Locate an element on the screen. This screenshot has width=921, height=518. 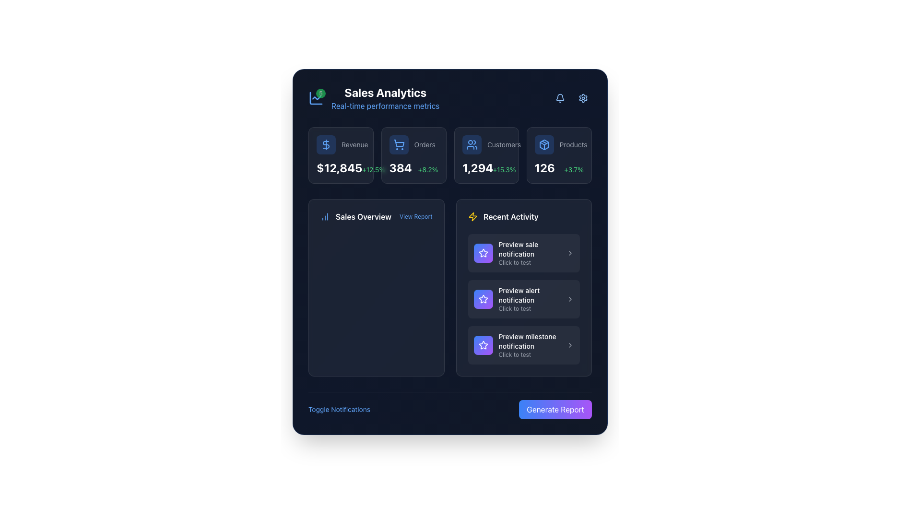
the 'Sales Overview' header element which features a blue bar chart icon and a bold white text label is located at coordinates (355, 216).